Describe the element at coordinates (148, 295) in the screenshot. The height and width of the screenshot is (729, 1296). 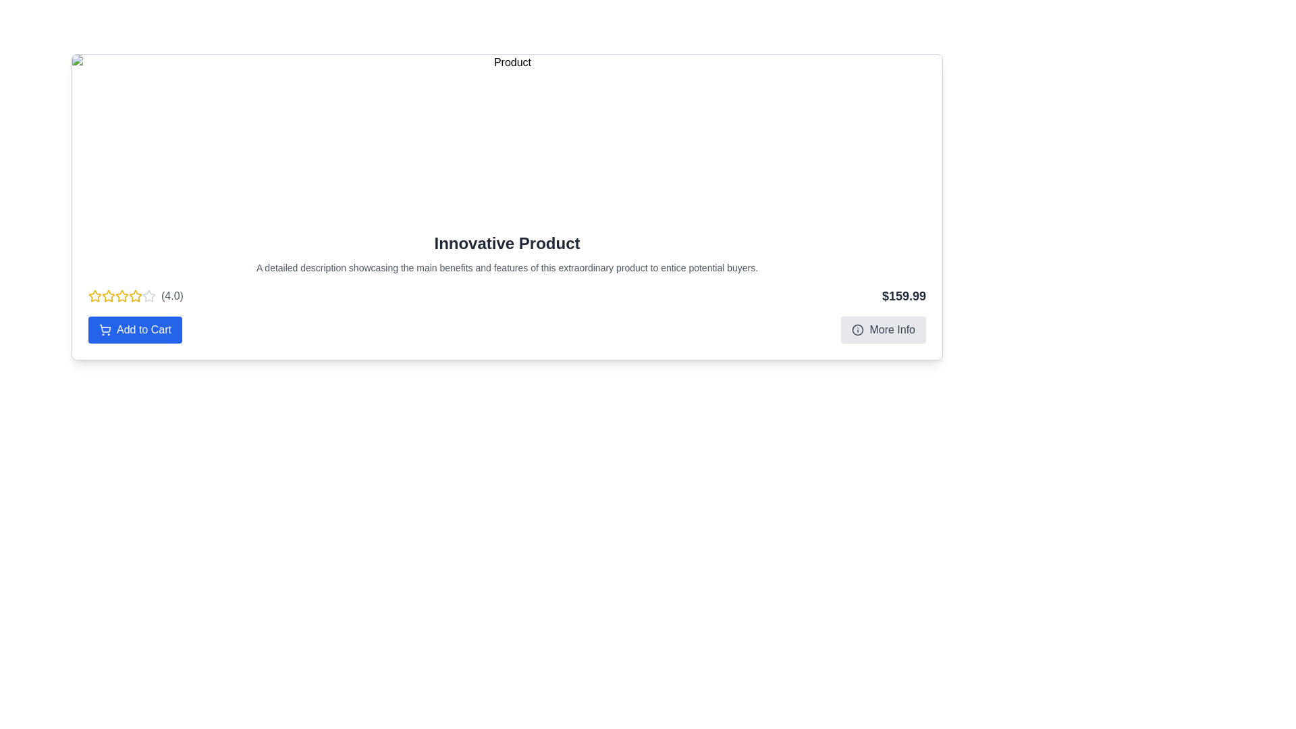
I see `the fourth star icon` at that location.